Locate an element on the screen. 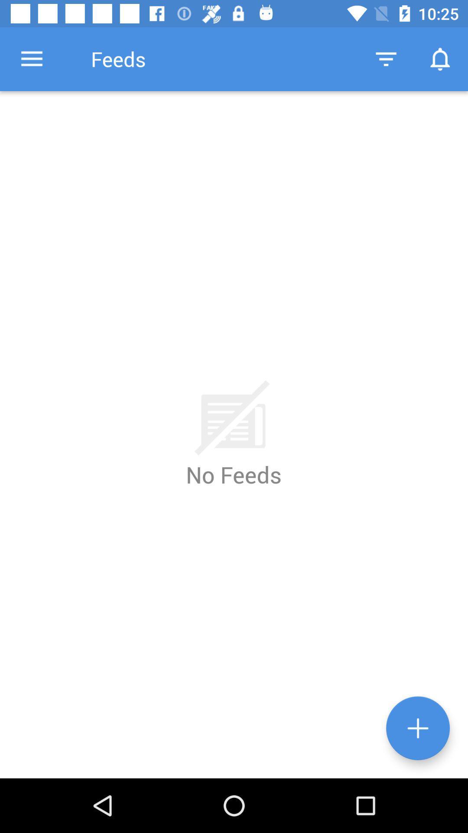 The width and height of the screenshot is (468, 833). feed is located at coordinates (417, 728).